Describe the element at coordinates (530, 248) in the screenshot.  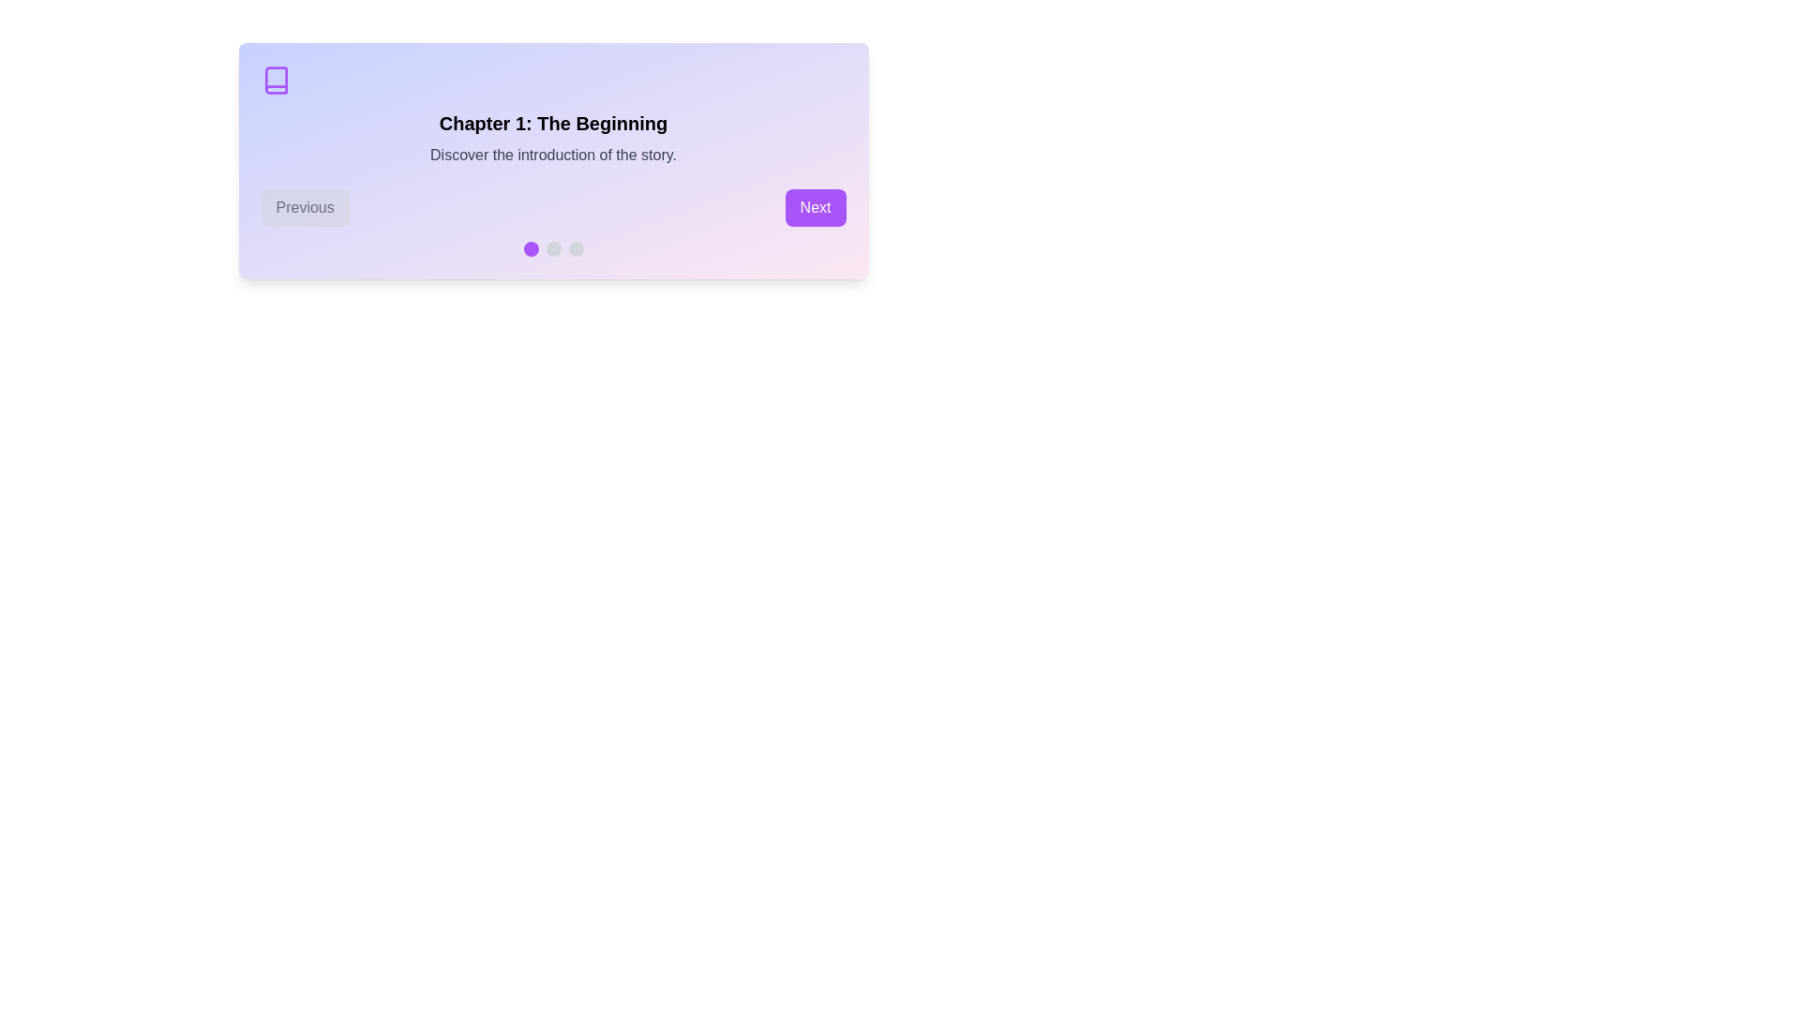
I see `the chapter indicator dot corresponding to 1` at that location.